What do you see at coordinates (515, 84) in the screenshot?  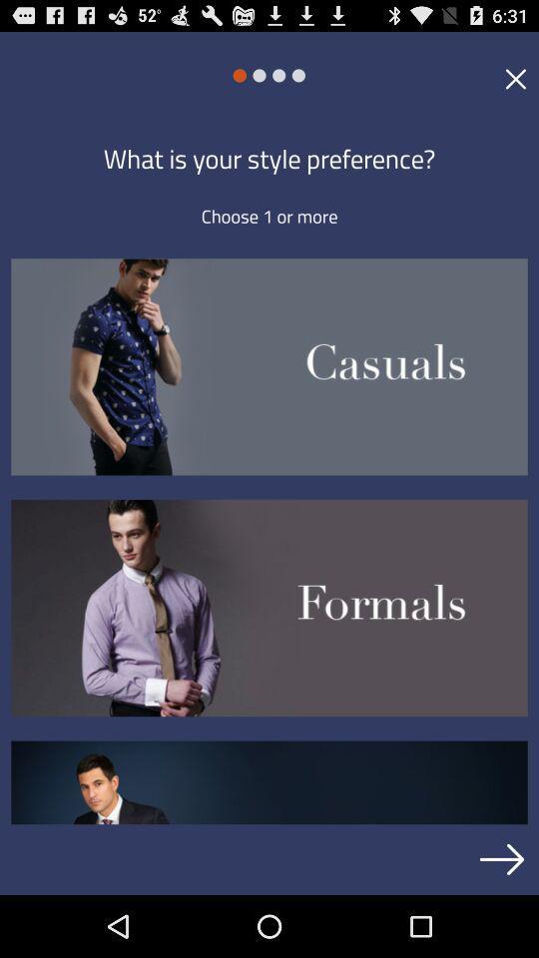 I see `the close icon` at bounding box center [515, 84].